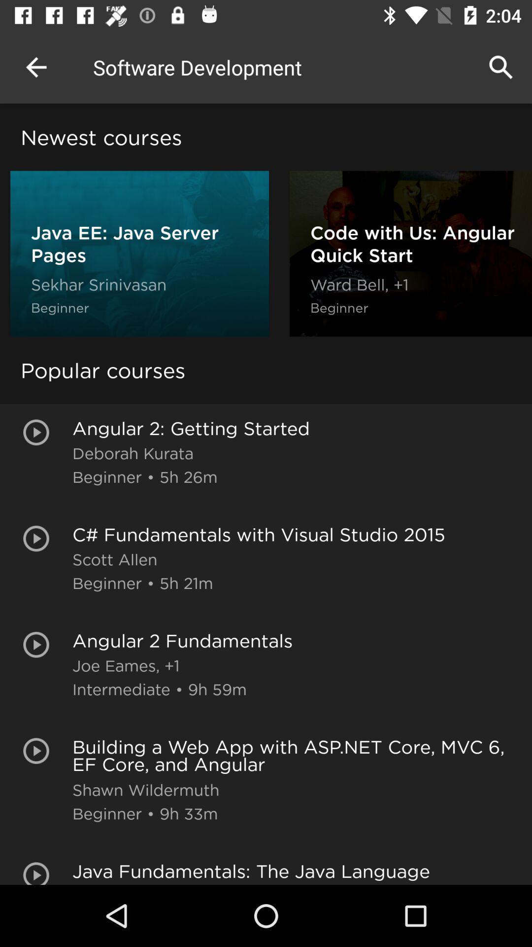 This screenshot has height=947, width=532. What do you see at coordinates (35, 67) in the screenshot?
I see `the item above newest courses icon` at bounding box center [35, 67].